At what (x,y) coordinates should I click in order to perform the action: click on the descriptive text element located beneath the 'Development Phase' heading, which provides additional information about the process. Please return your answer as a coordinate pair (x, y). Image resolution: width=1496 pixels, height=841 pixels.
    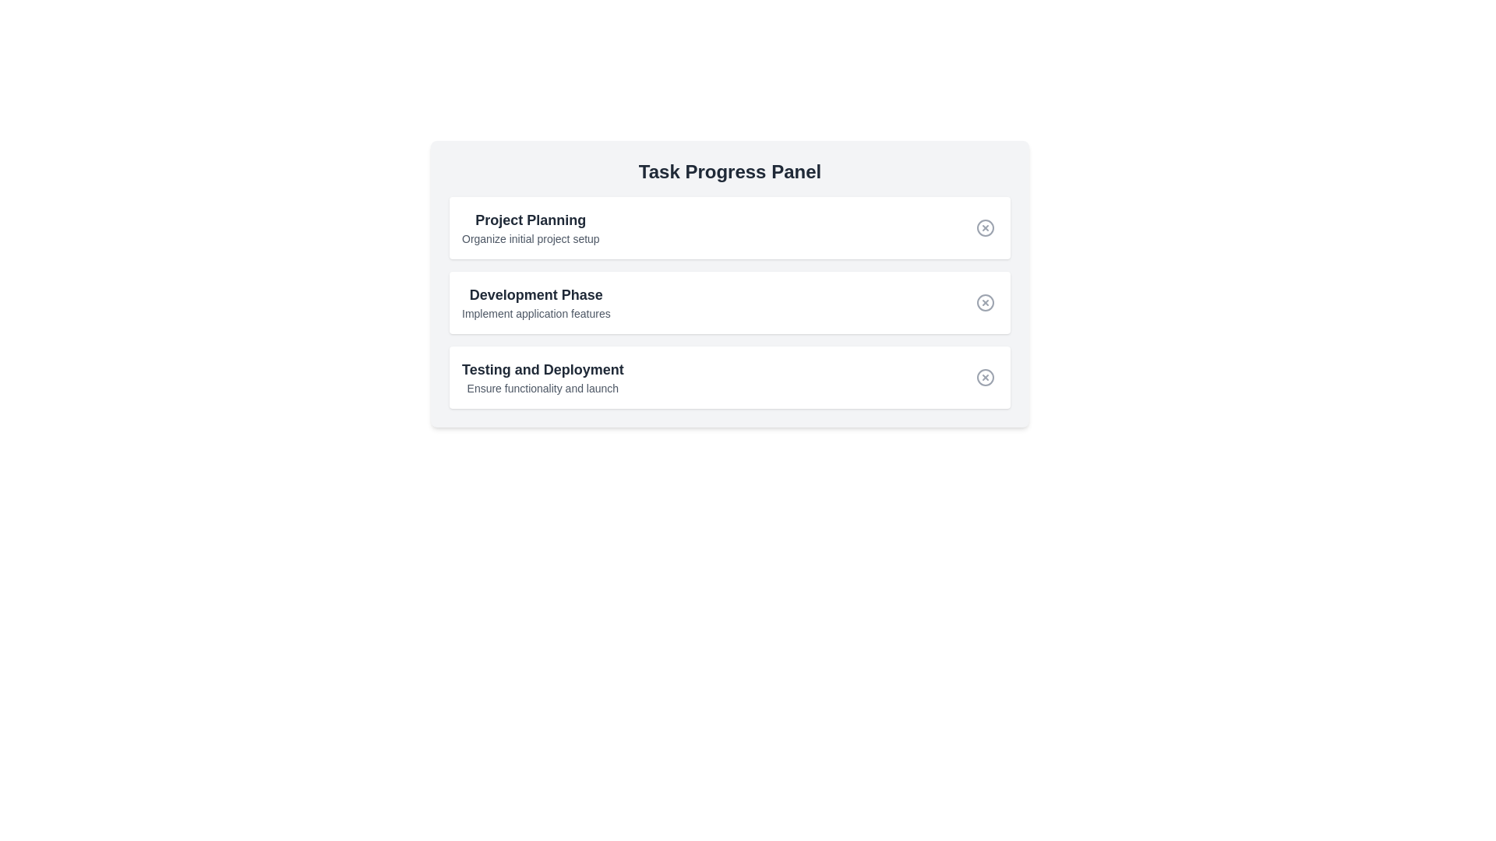
    Looking at the image, I should click on (536, 313).